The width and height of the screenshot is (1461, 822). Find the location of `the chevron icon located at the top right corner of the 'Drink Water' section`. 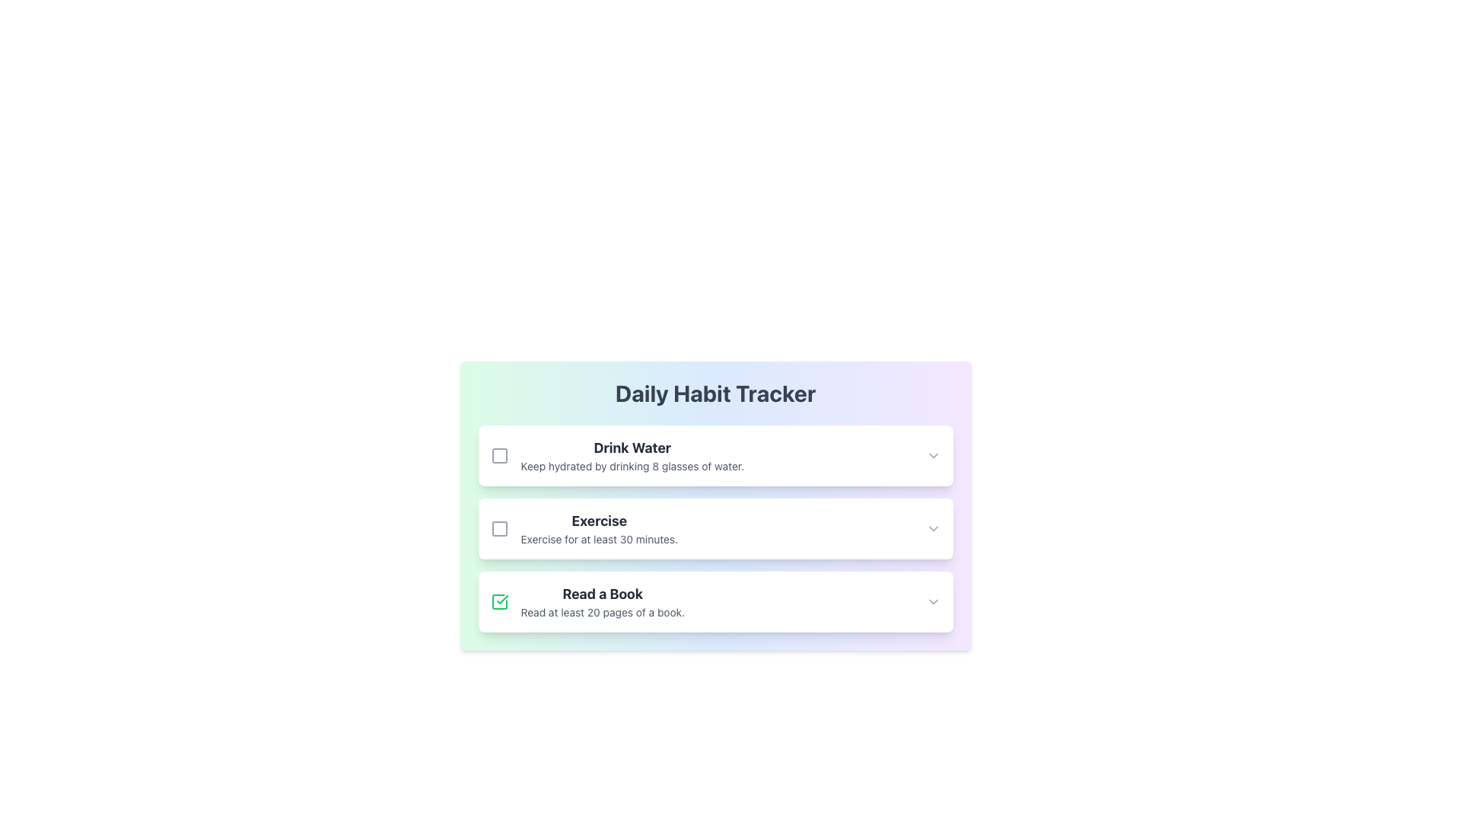

the chevron icon located at the top right corner of the 'Drink Water' section is located at coordinates (932, 454).